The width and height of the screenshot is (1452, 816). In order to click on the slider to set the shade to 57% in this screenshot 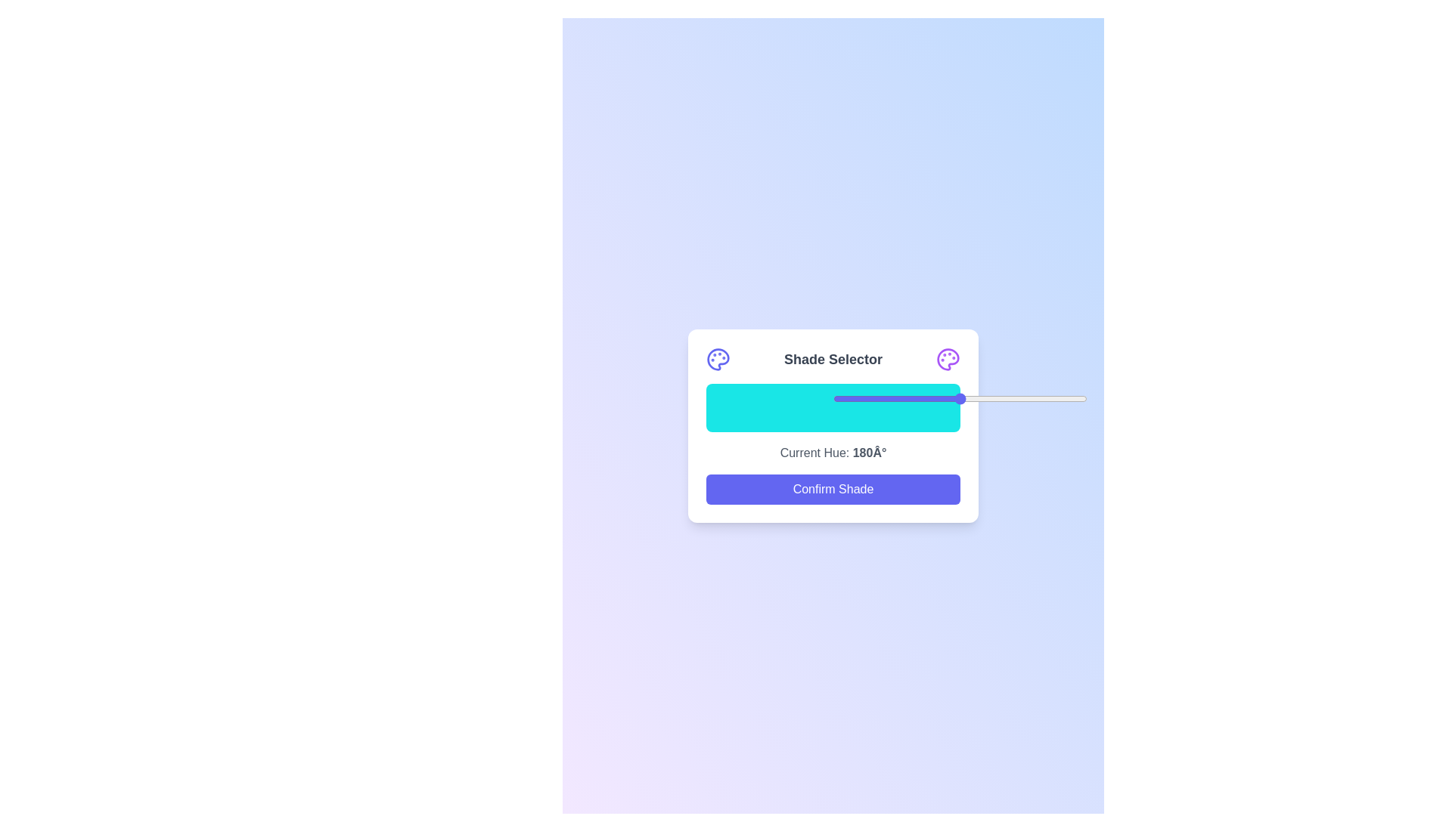, I will do `click(978, 398)`.